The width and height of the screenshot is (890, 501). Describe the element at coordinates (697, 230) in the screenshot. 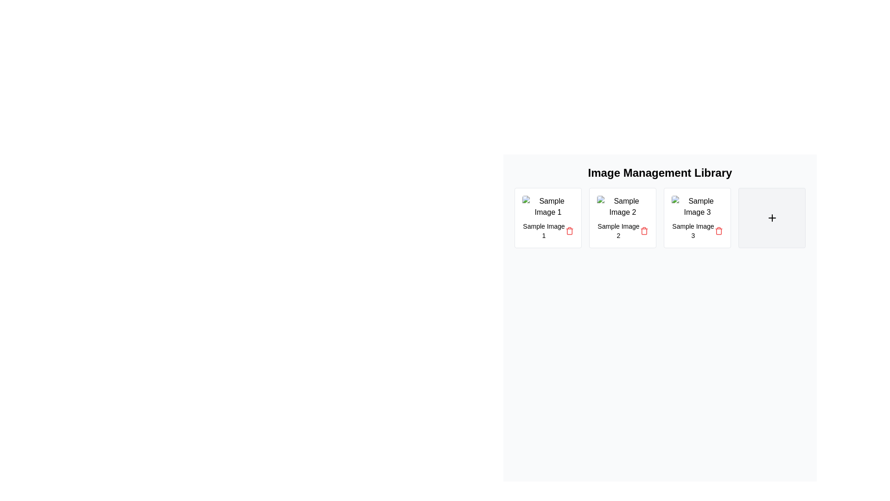

I see `the text display located below 'Sample Image 3' in the image management interface` at that location.